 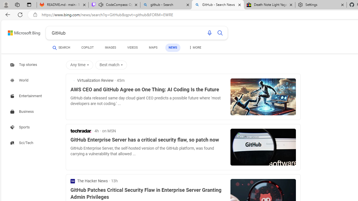 I want to click on 'Search news from The Hacker News', so click(x=89, y=181).